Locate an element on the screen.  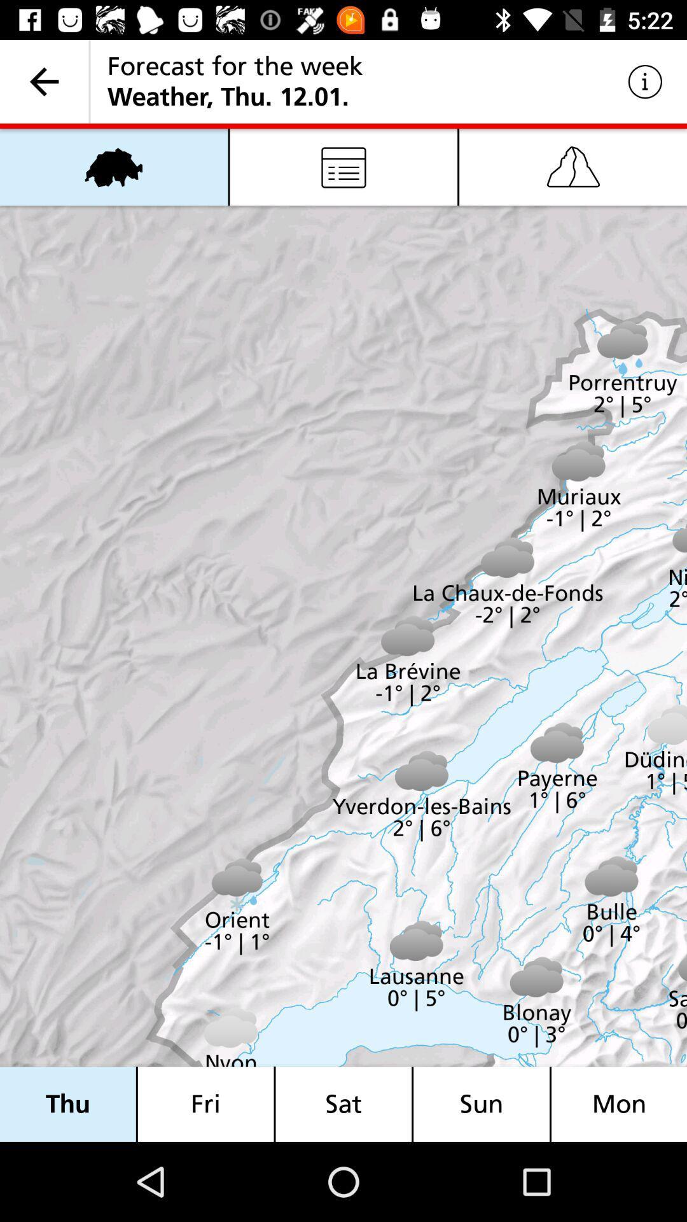
item to the left of the forecast for the item is located at coordinates (43, 81).